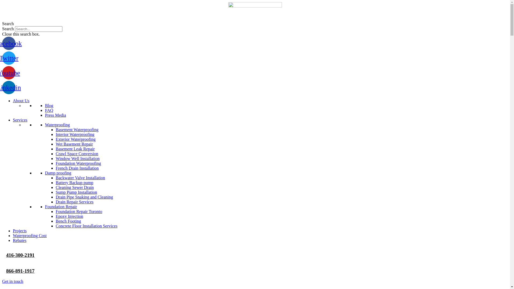 The width and height of the screenshot is (514, 289). Describe the element at coordinates (2, 2) in the screenshot. I see `'Skip to content'` at that location.